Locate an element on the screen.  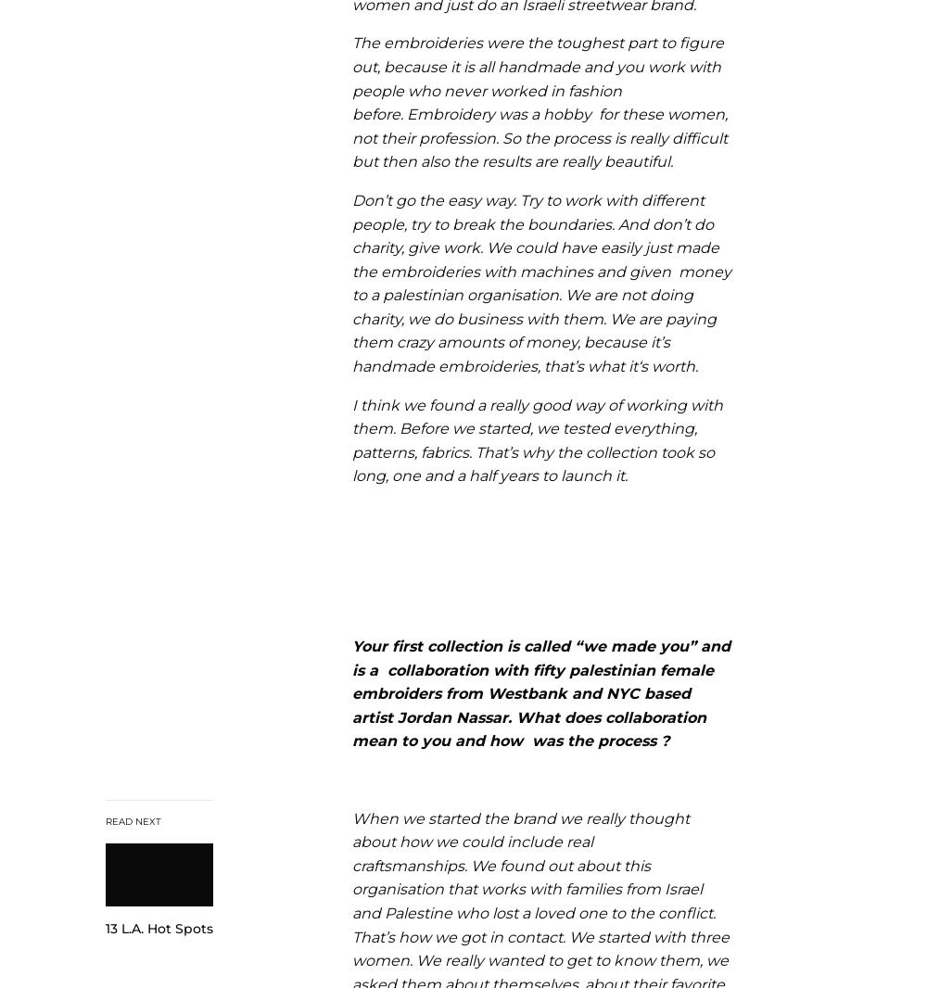
'When we started the brand we really thought about how we could include real craftsmanships.' is located at coordinates (521, 842).